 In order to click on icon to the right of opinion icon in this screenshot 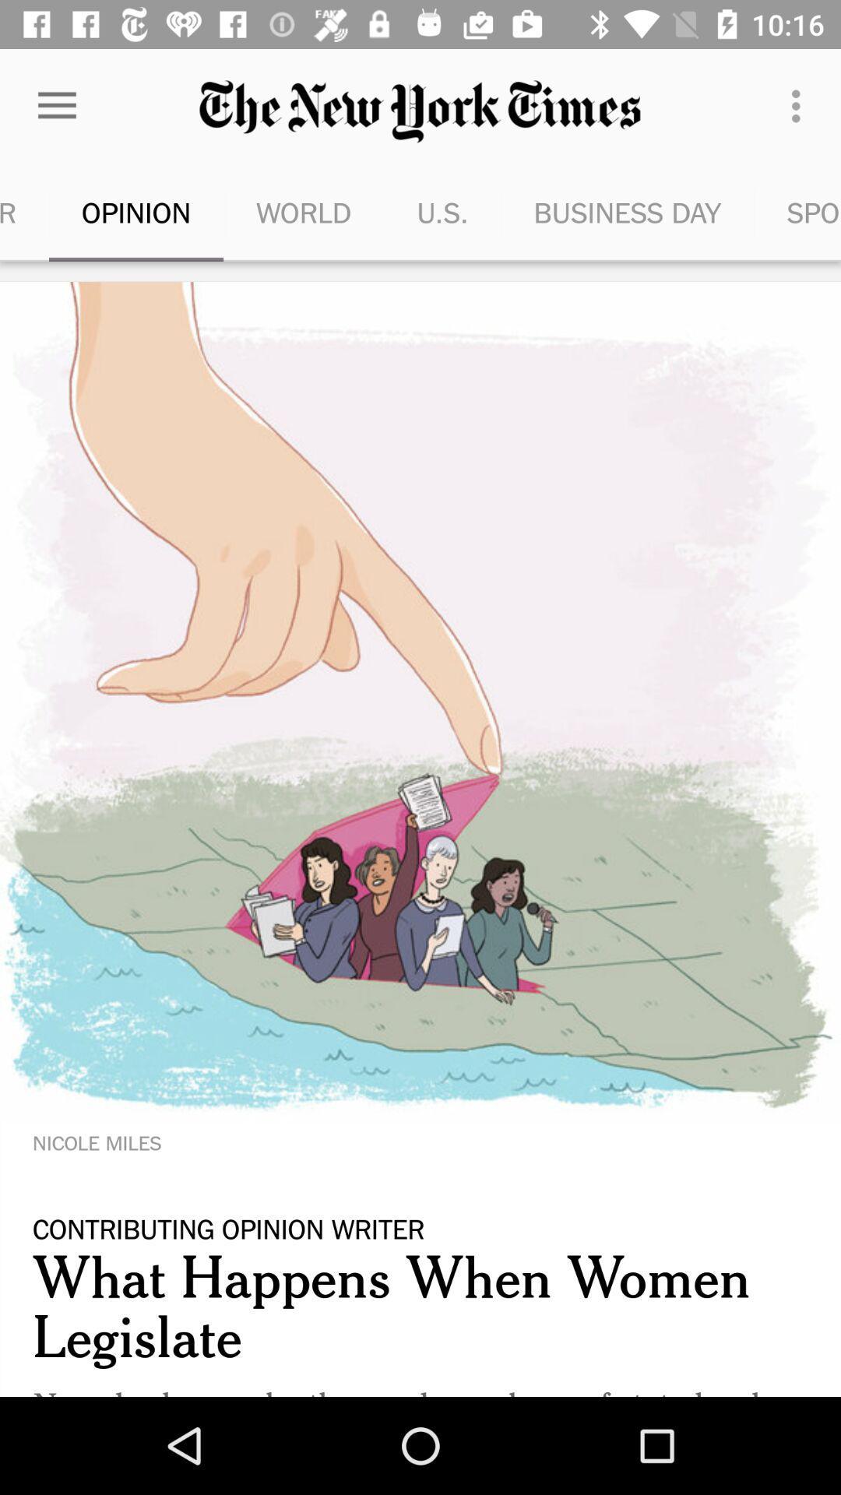, I will do `click(304, 212)`.